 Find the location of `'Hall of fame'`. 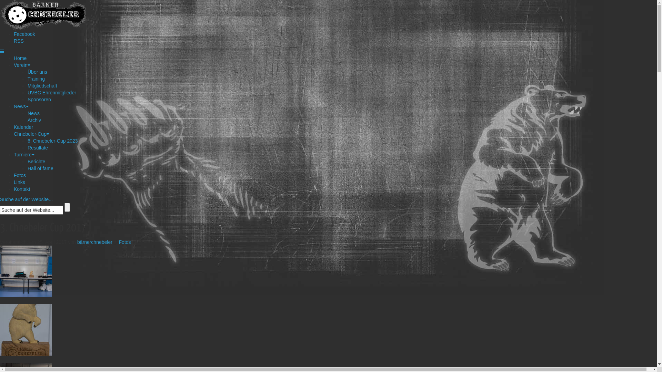

'Hall of fame' is located at coordinates (28, 168).